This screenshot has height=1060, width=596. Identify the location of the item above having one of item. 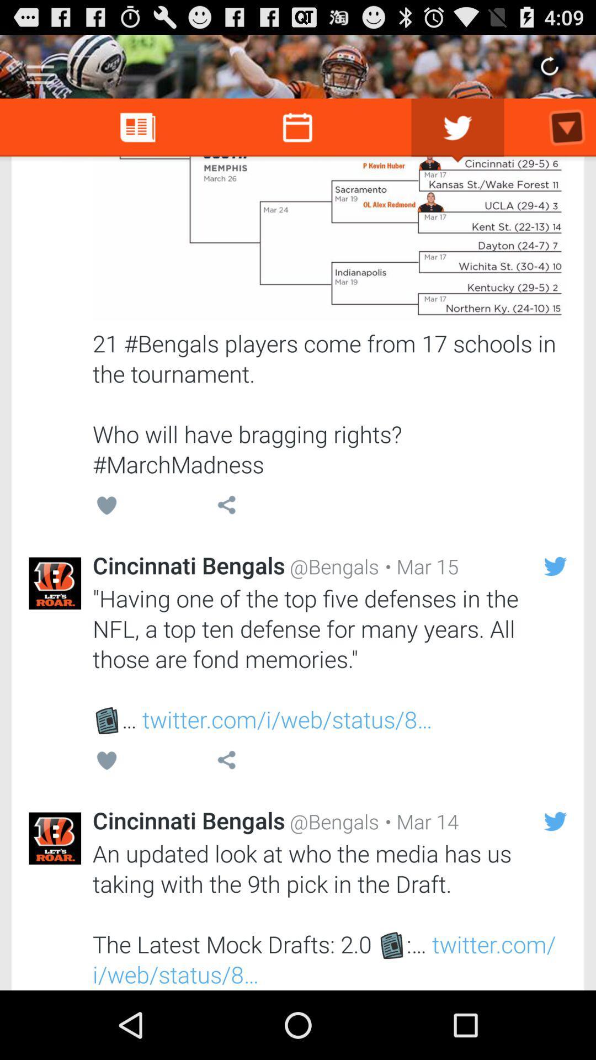
(419, 566).